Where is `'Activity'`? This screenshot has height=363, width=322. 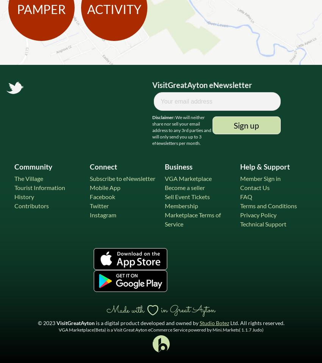
'Activity' is located at coordinates (114, 8).